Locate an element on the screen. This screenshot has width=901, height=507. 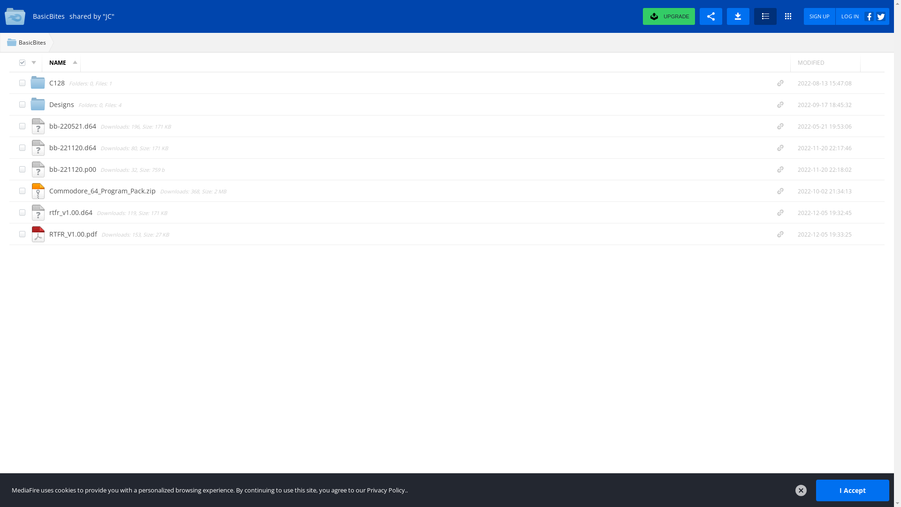
'bb-221120.d64' is located at coordinates (73, 147).